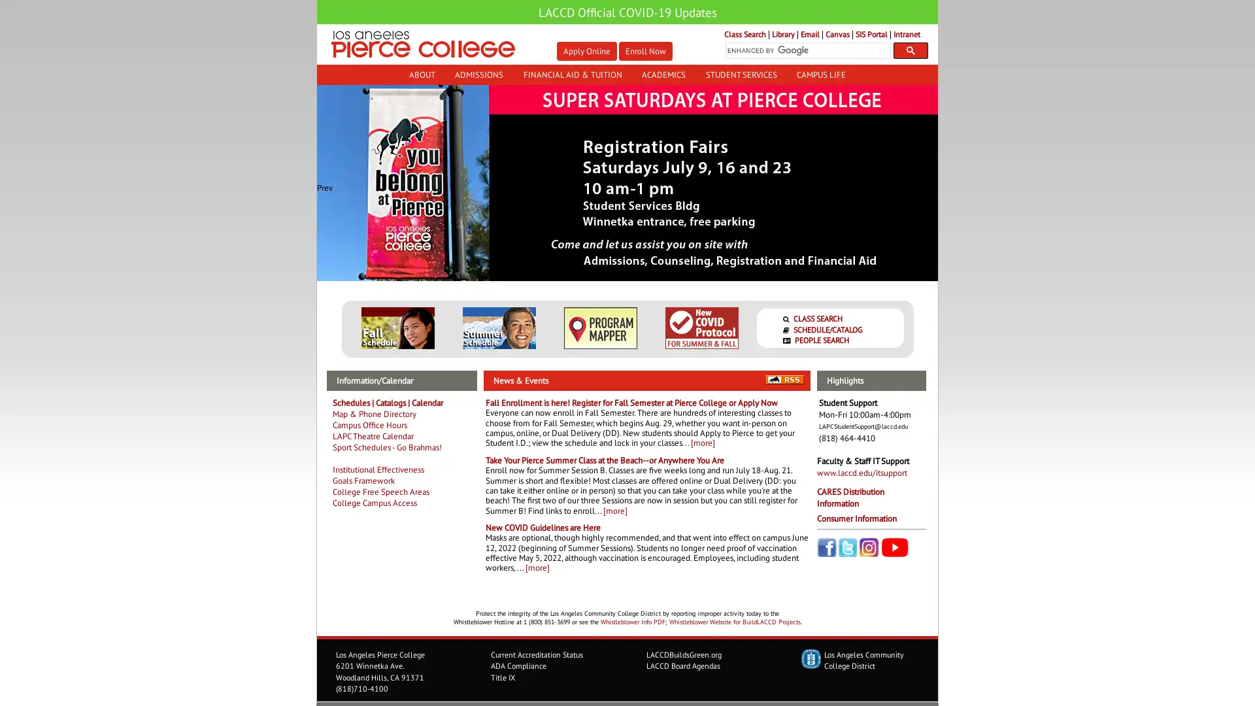 This screenshot has height=706, width=1255. What do you see at coordinates (820, 75) in the screenshot?
I see `CAMPUS LIFE` at bounding box center [820, 75].